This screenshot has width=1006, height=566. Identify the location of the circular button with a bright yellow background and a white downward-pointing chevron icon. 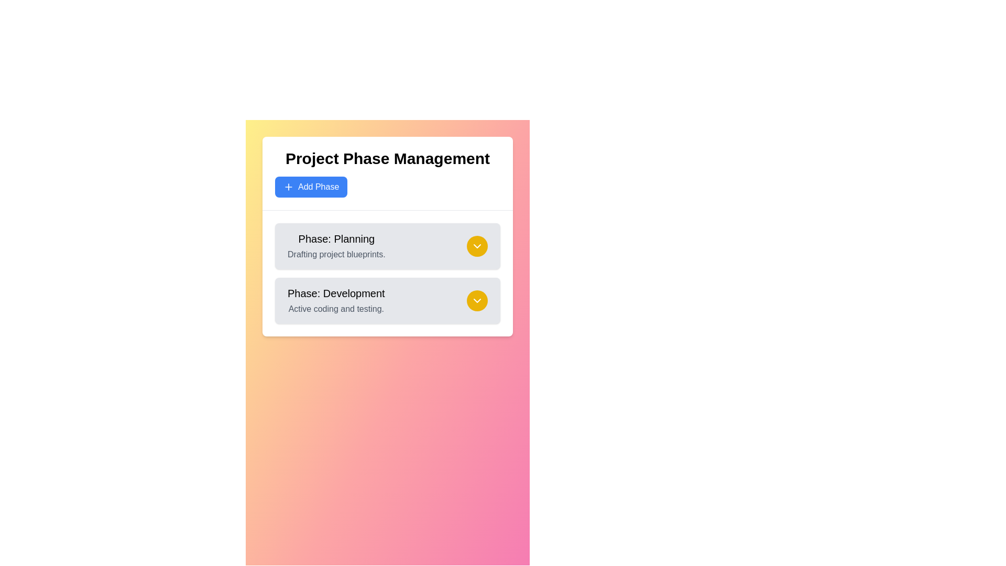
(477, 301).